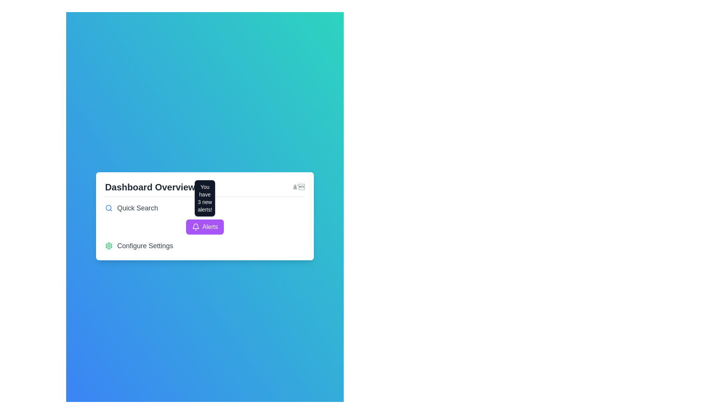  What do you see at coordinates (205, 208) in the screenshot?
I see `the 'Quick Search' label icon, which features a magnifying glass and is styled in blue` at bounding box center [205, 208].